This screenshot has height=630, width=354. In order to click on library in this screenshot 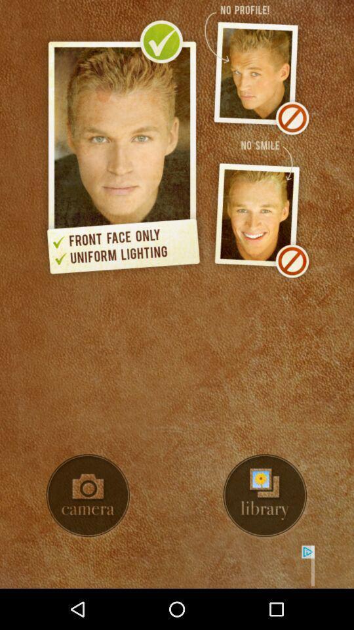, I will do `click(265, 495)`.